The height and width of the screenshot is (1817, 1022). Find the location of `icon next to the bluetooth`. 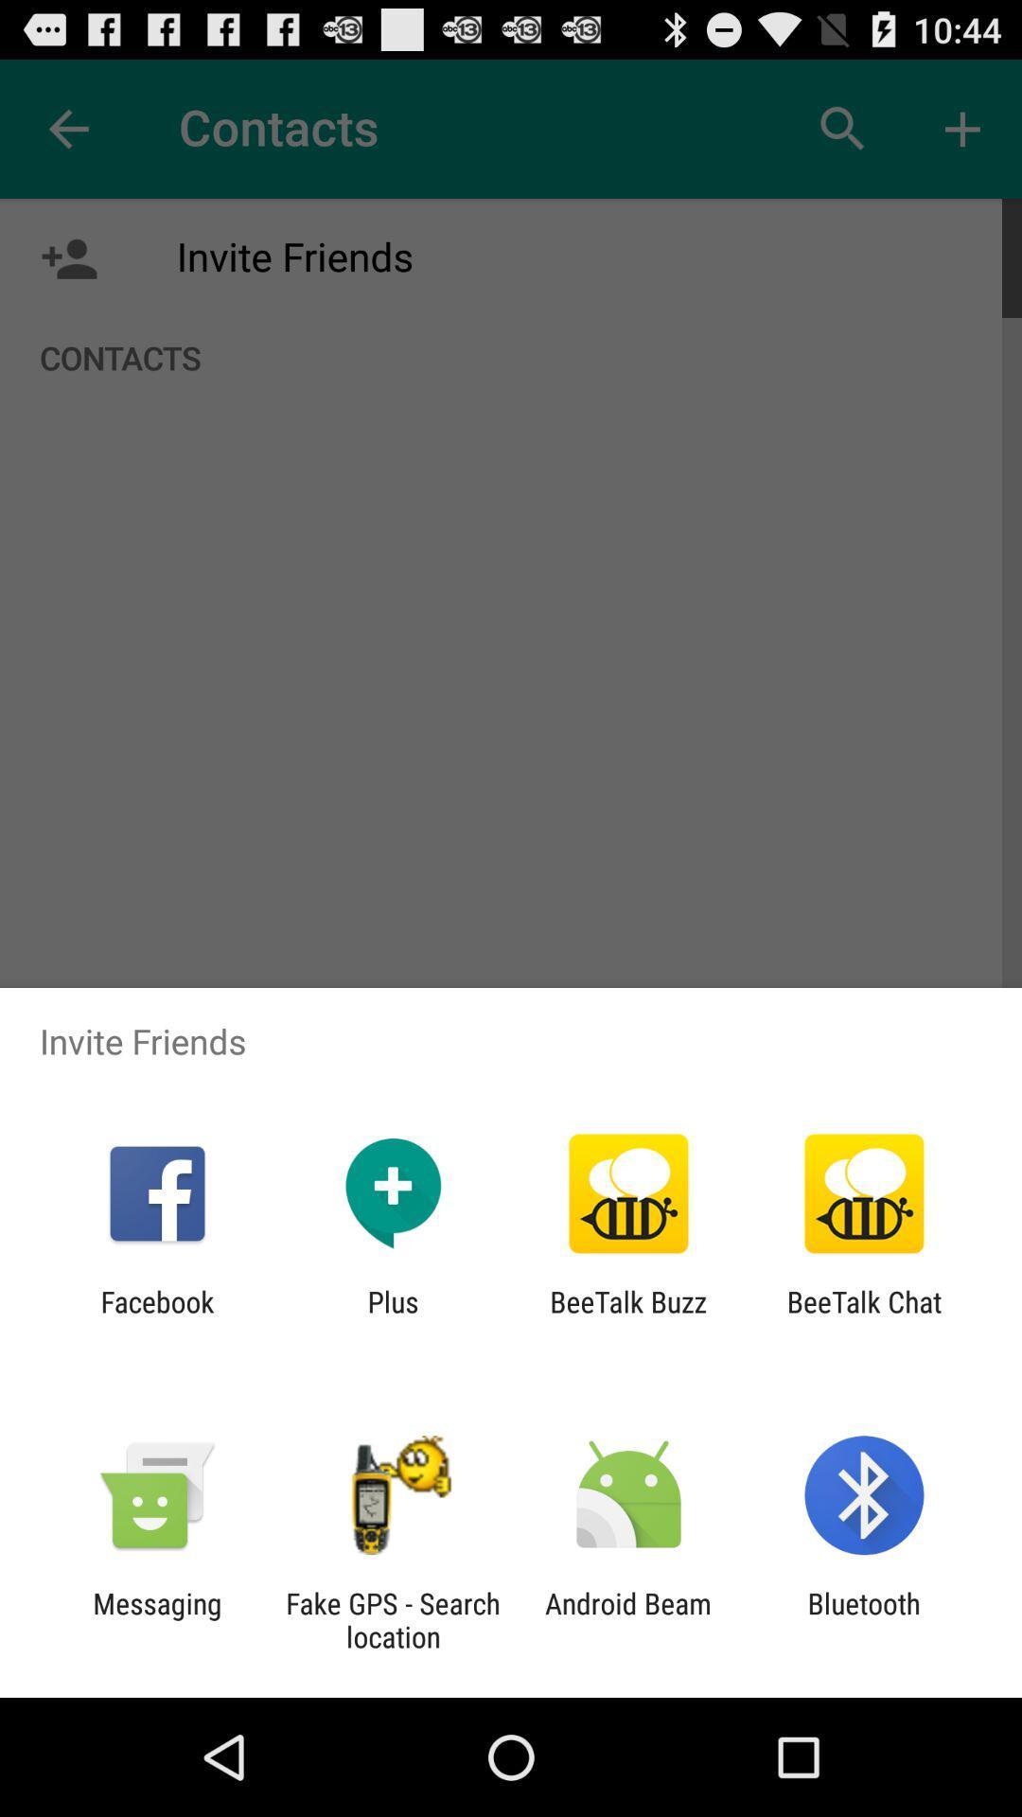

icon next to the bluetooth is located at coordinates (628, 1619).